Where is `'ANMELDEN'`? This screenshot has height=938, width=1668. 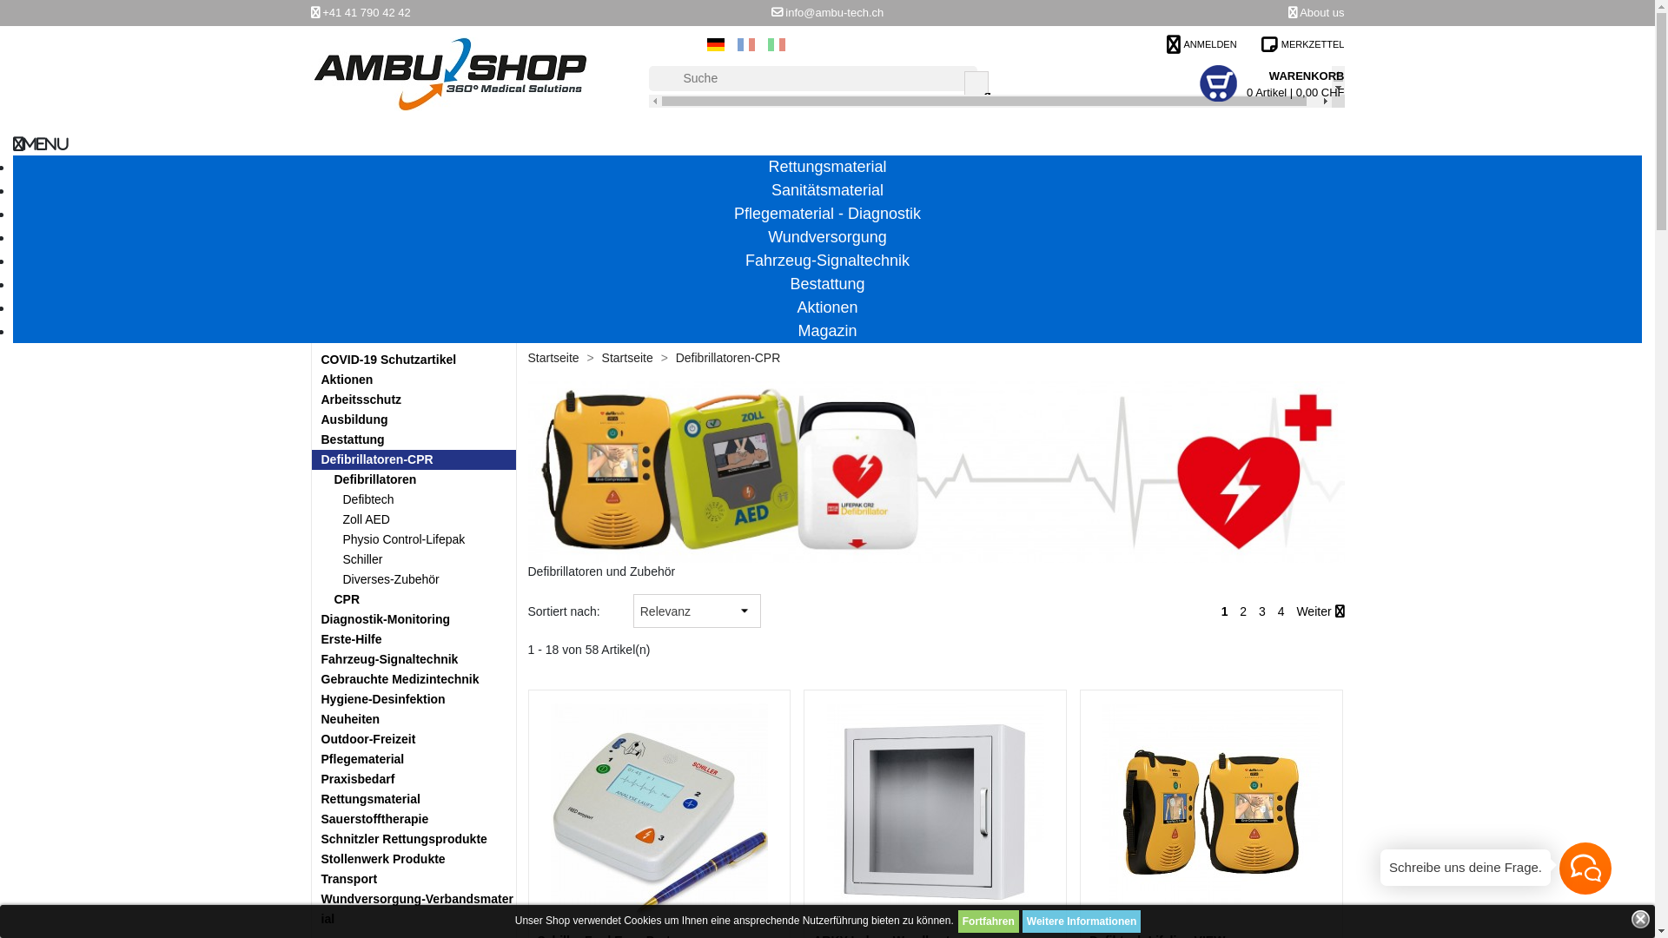
'ANMELDEN' is located at coordinates (1202, 43).